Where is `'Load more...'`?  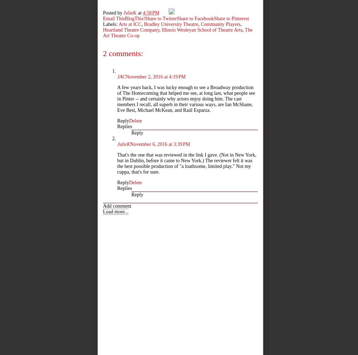 'Load more...' is located at coordinates (115, 211).